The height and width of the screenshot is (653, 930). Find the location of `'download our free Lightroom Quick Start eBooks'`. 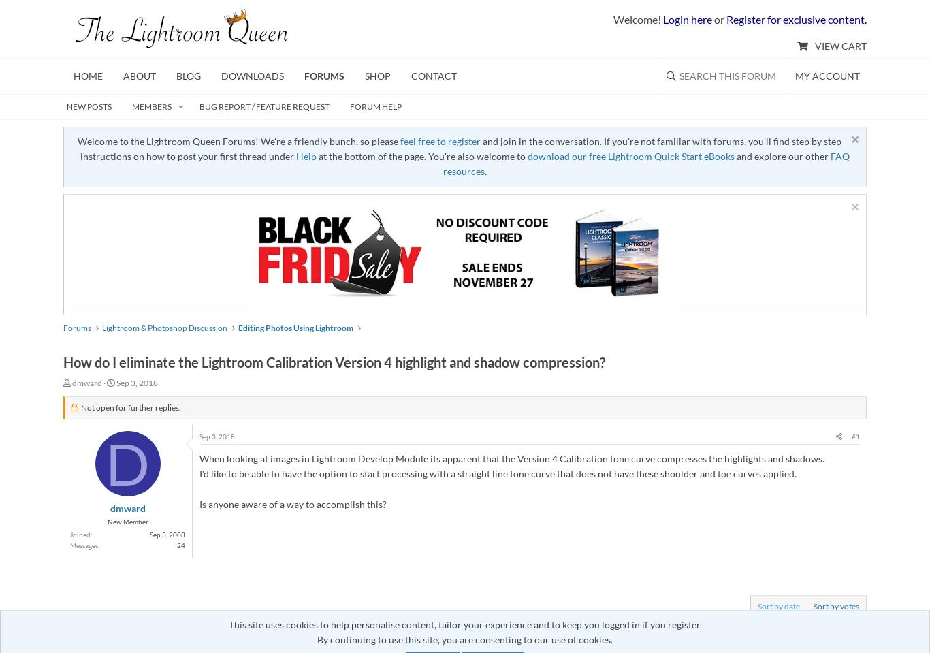

'download our free Lightroom Quick Start eBooks' is located at coordinates (527, 155).